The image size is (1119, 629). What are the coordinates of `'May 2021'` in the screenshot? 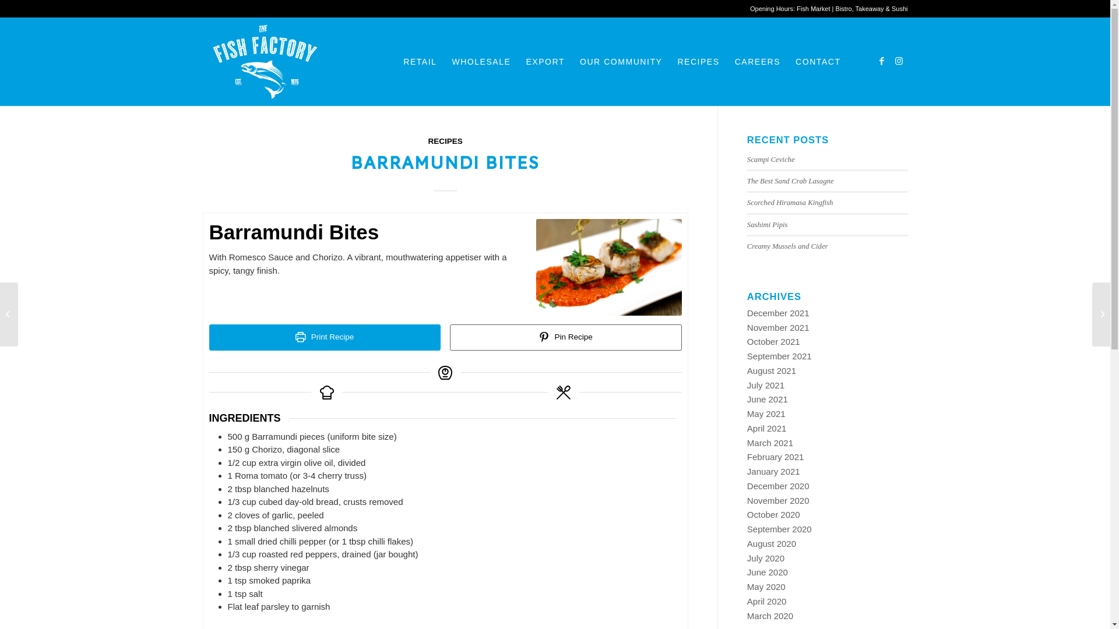 It's located at (766, 413).